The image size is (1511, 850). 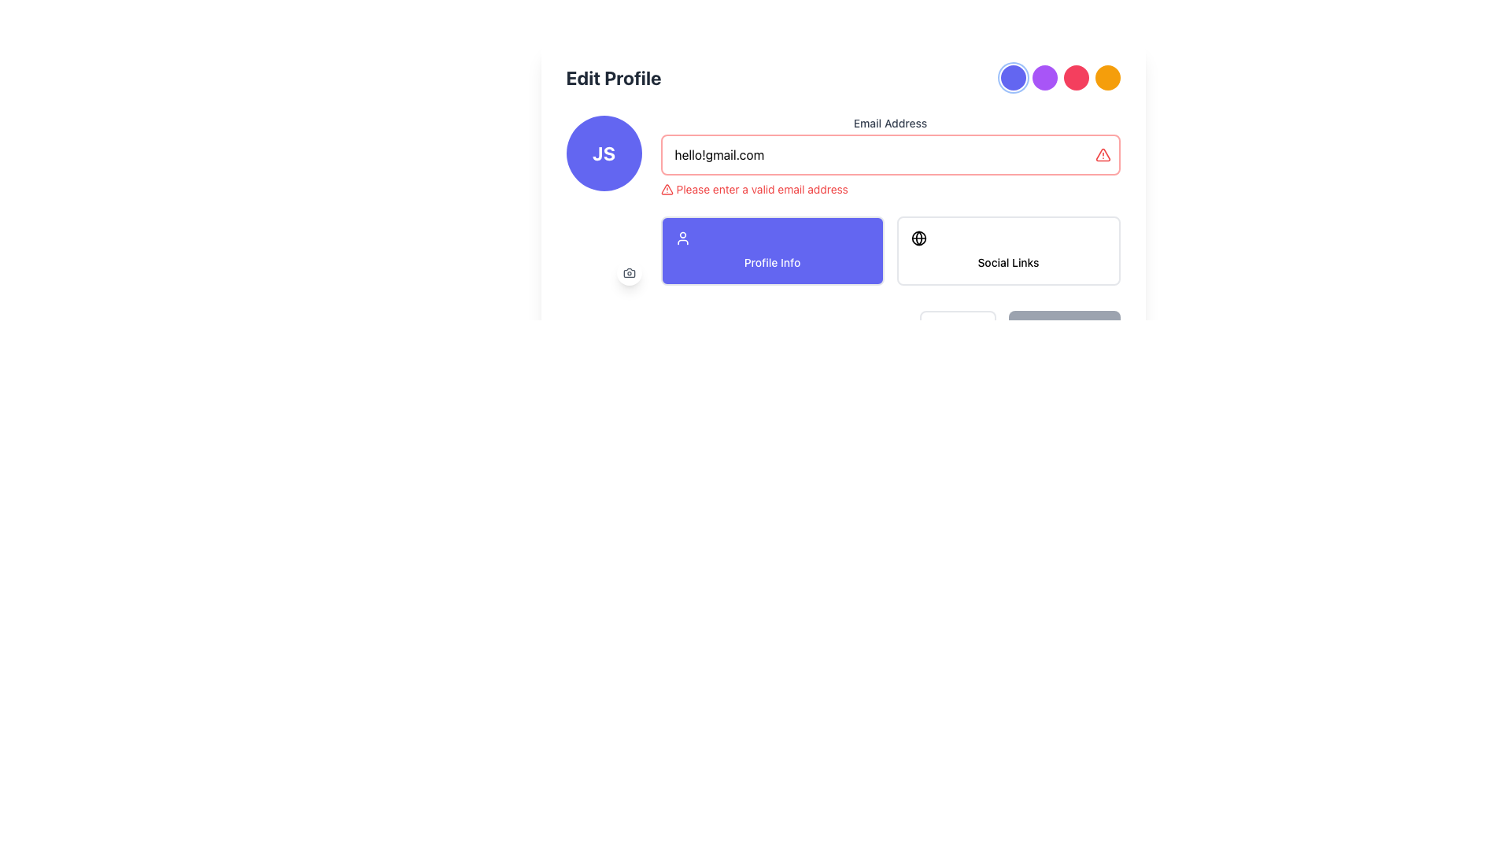 What do you see at coordinates (1008, 250) in the screenshot?
I see `the second button in the right column of the two-column grid layout` at bounding box center [1008, 250].